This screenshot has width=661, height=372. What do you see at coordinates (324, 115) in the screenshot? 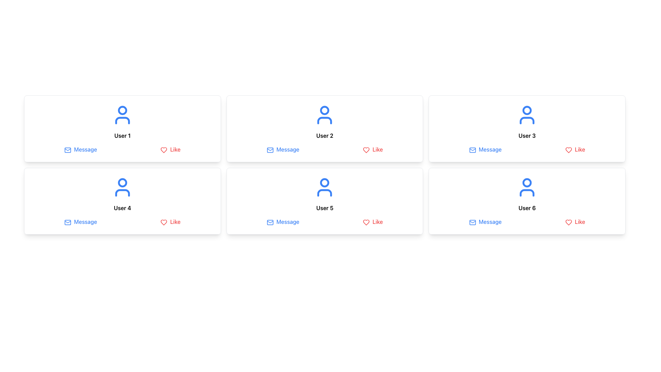
I see `the user profile icon located at the center-top position of the 'User 2' card in the 2x3 grid layout` at bounding box center [324, 115].